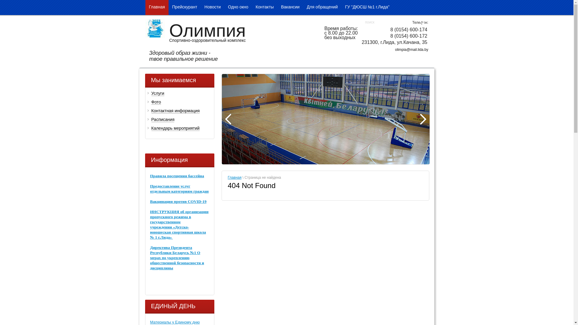 The height and width of the screenshot is (325, 578). What do you see at coordinates (411, 49) in the screenshot?
I see `'olimpia@mail.lida.by'` at bounding box center [411, 49].